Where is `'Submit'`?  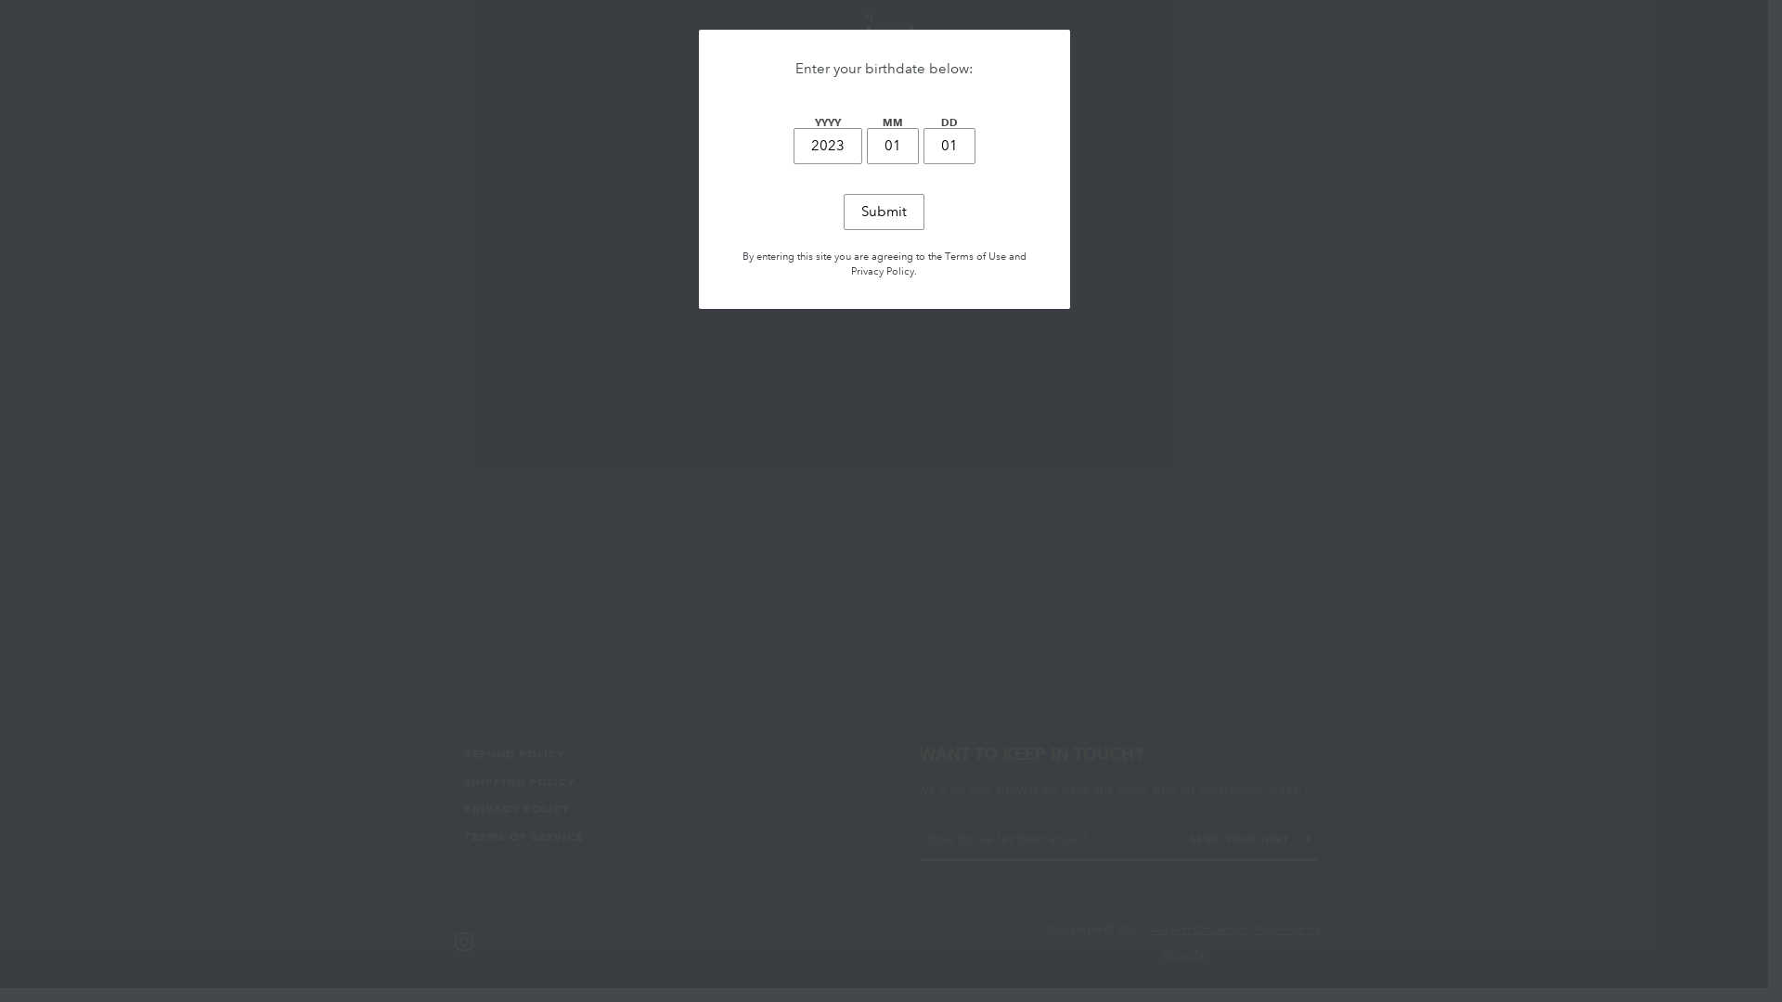 'Submit' is located at coordinates (883, 211).